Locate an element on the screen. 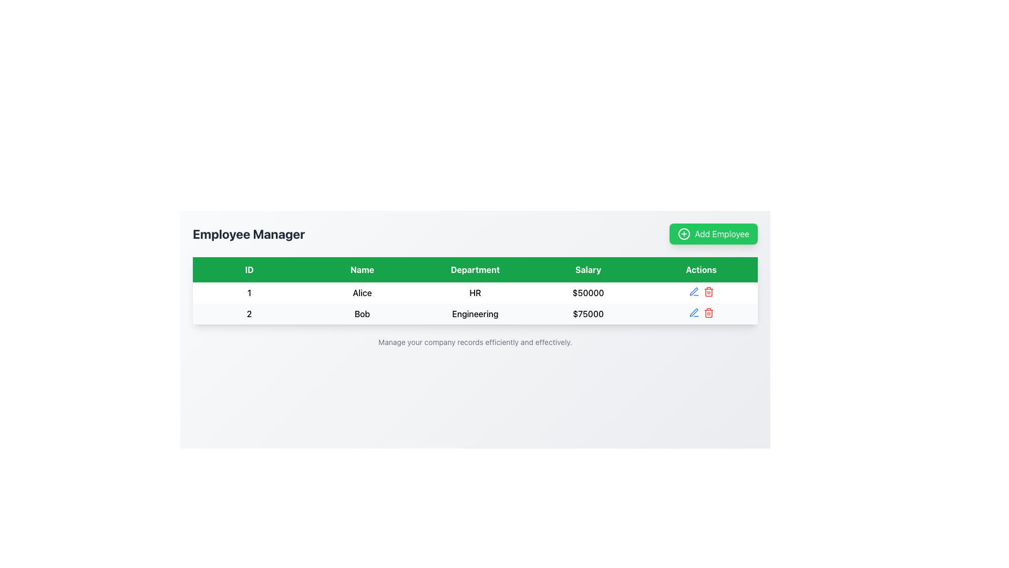  the text label displaying the salary value '$50000' for 'Alice' in the table is located at coordinates (588, 292).